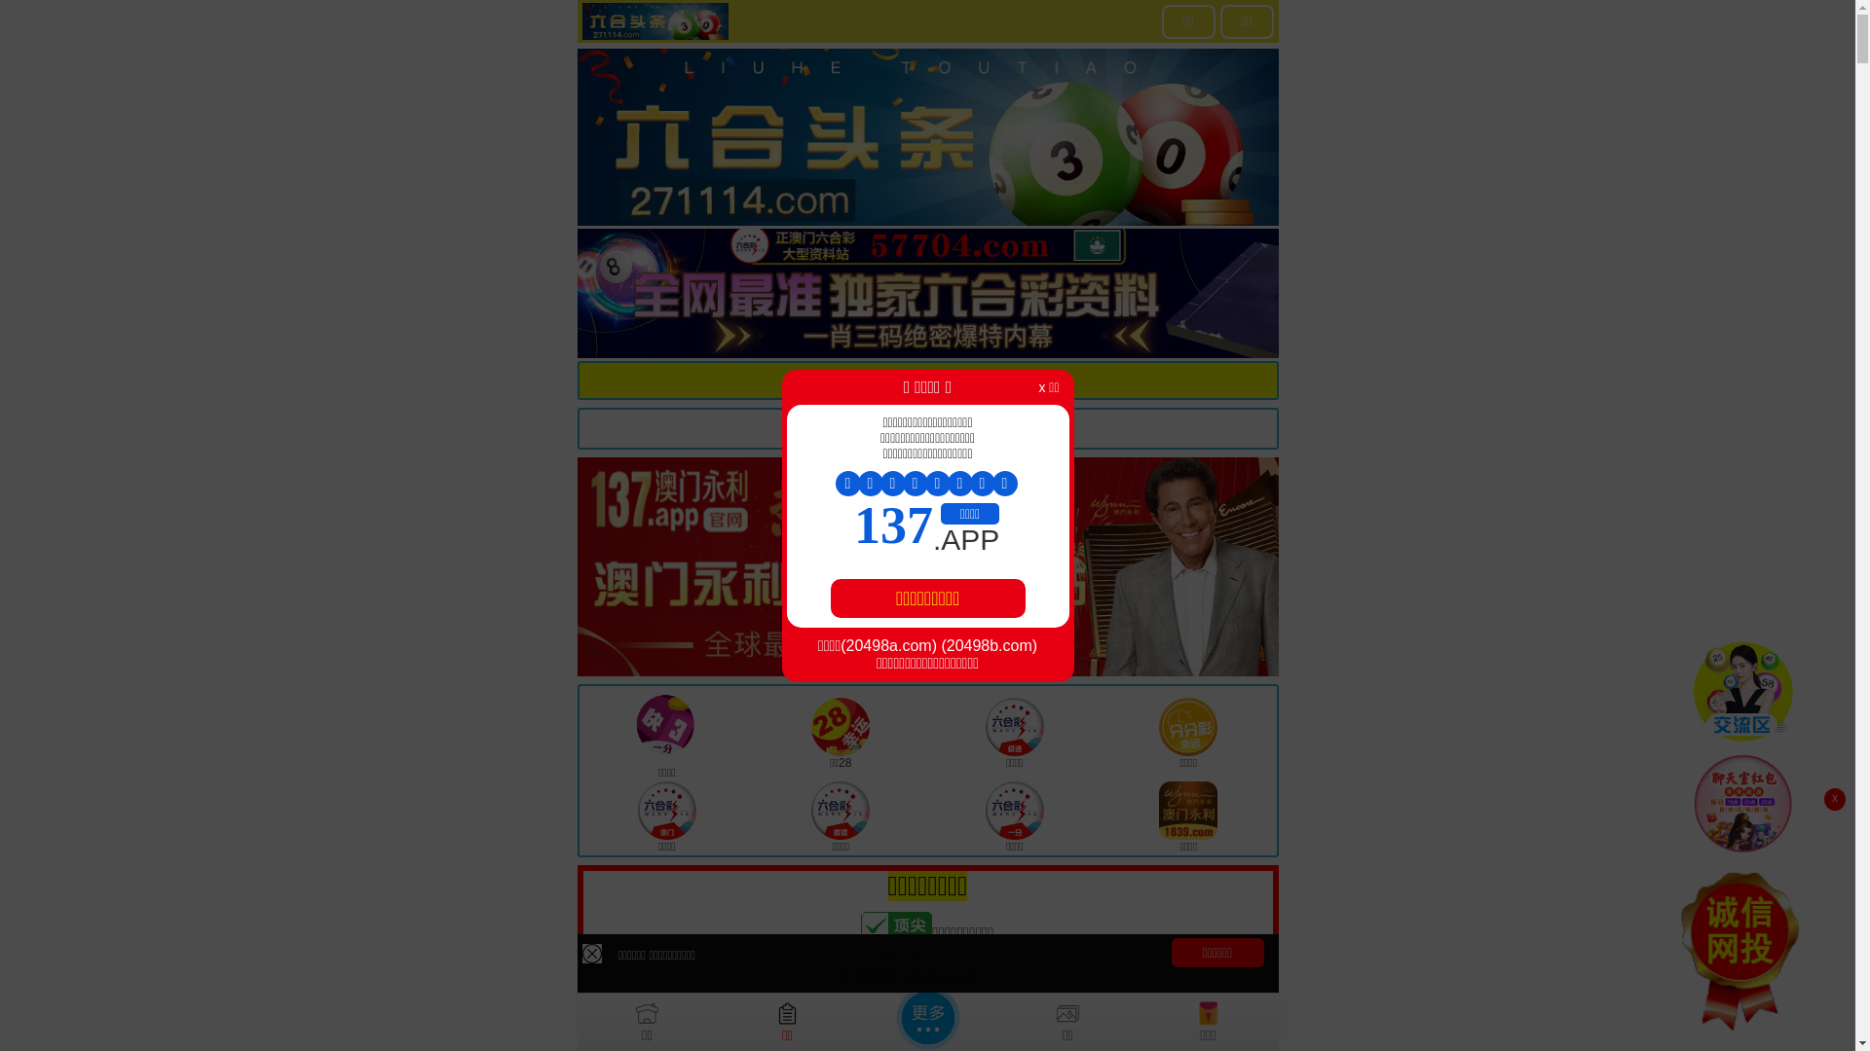  I want to click on 'x', so click(1833, 799).